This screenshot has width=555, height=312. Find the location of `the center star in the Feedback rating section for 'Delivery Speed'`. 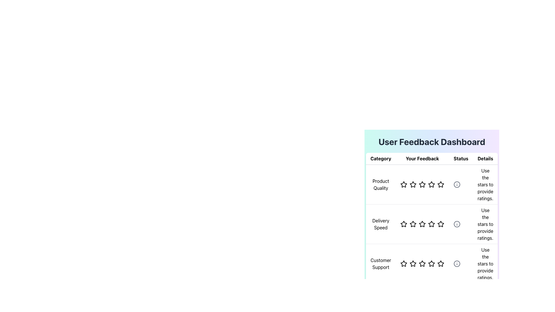

the center star in the Feedback rating section for 'Delivery Speed' is located at coordinates (432, 224).